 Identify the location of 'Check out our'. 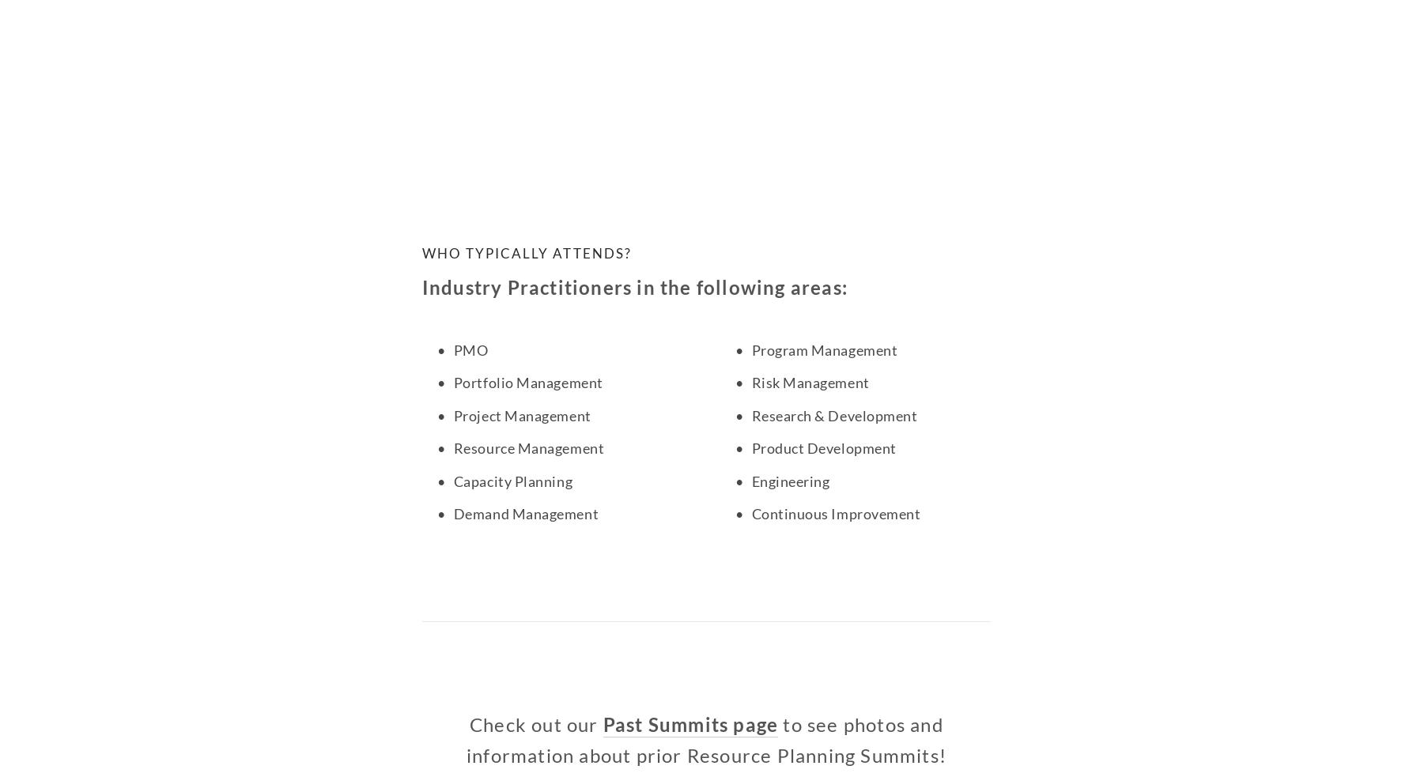
(535, 723).